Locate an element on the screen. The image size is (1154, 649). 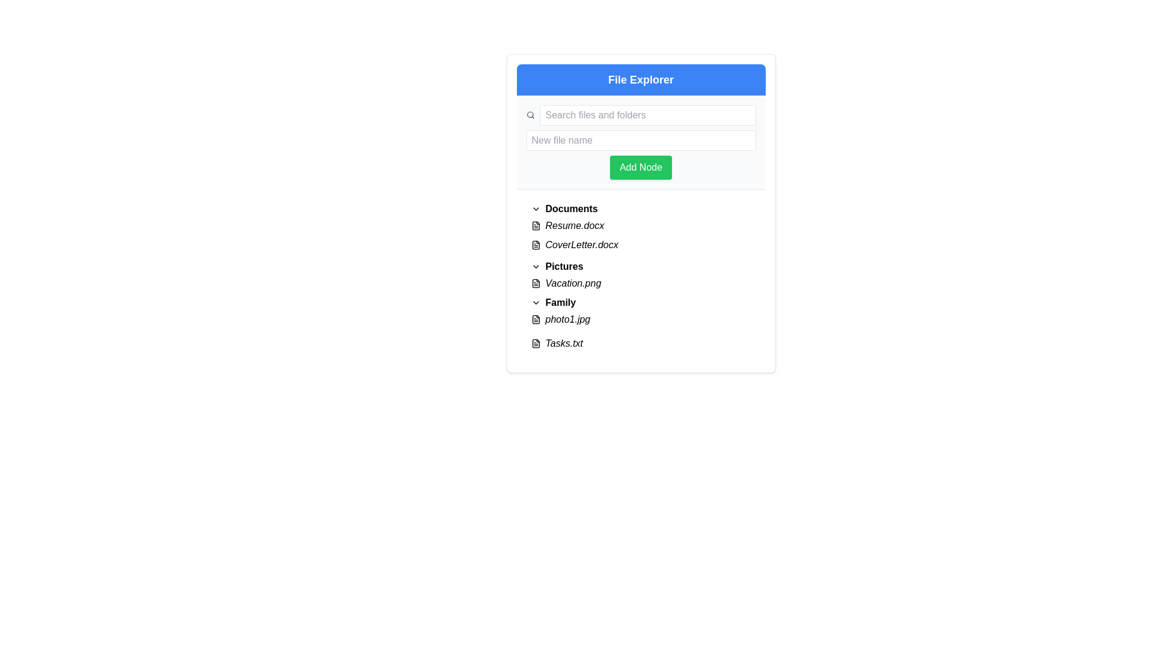
the 'Tasks.txt' file in the file explorer is located at coordinates (640, 343).